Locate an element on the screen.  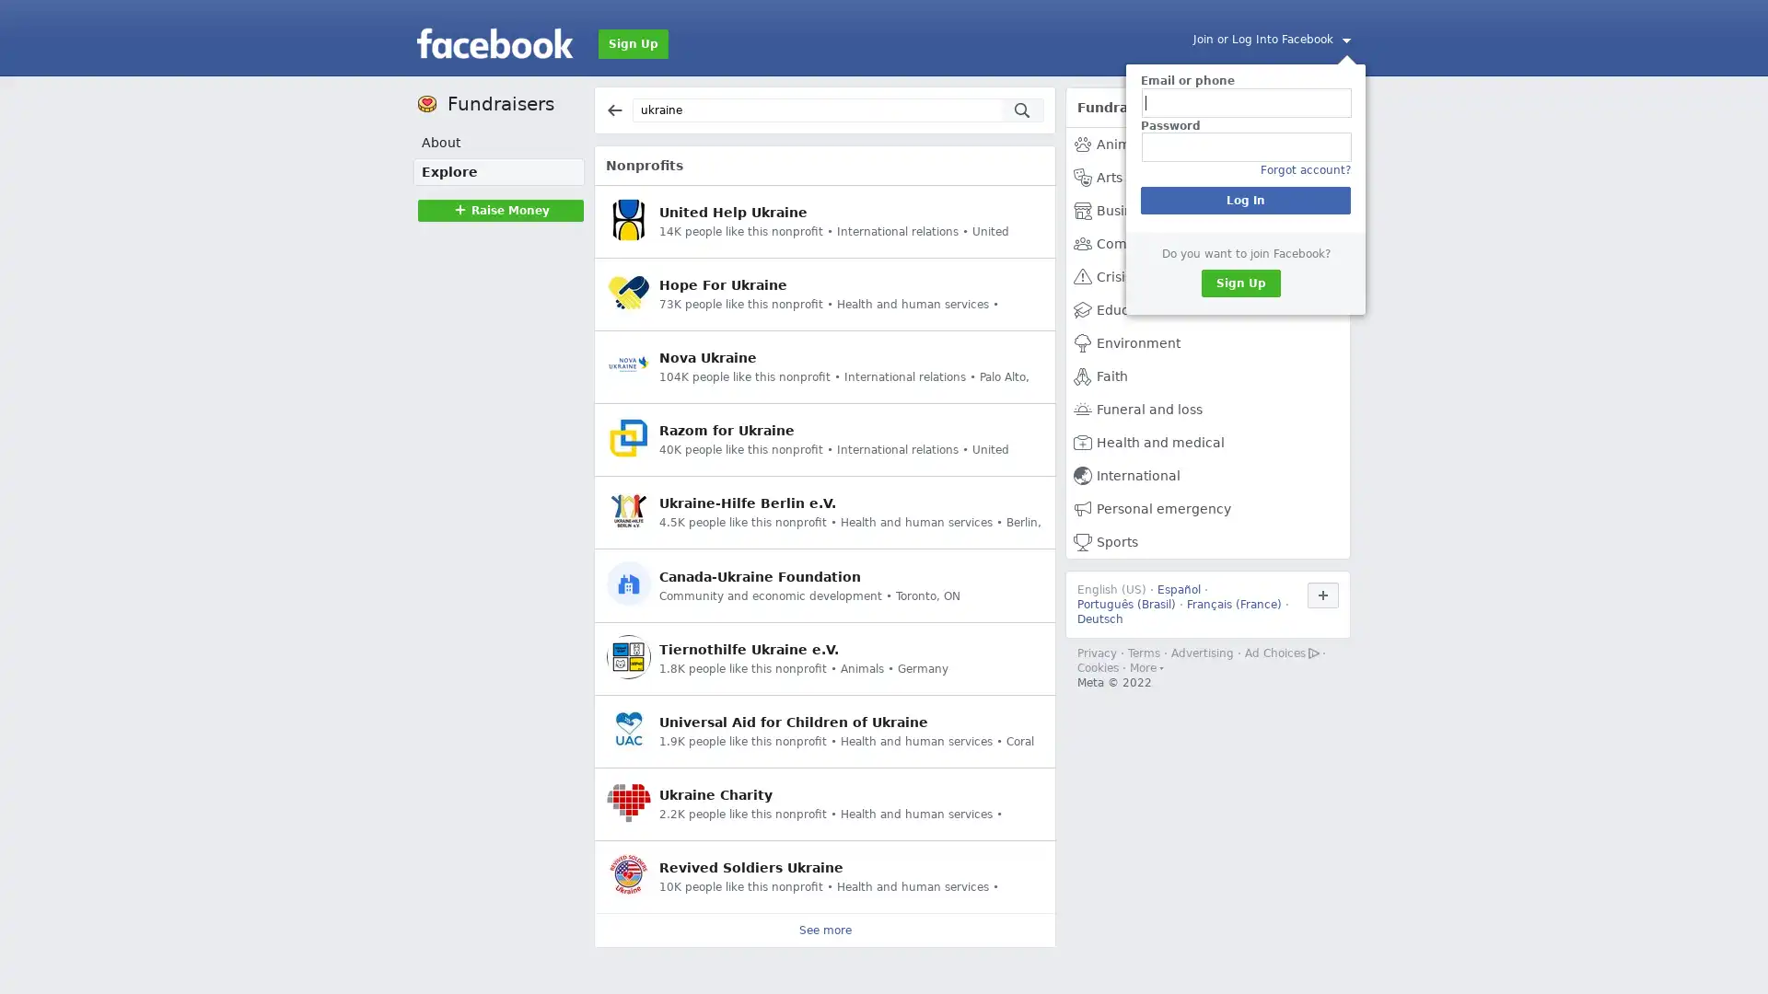
Francais (France) is located at coordinates (1234, 604).